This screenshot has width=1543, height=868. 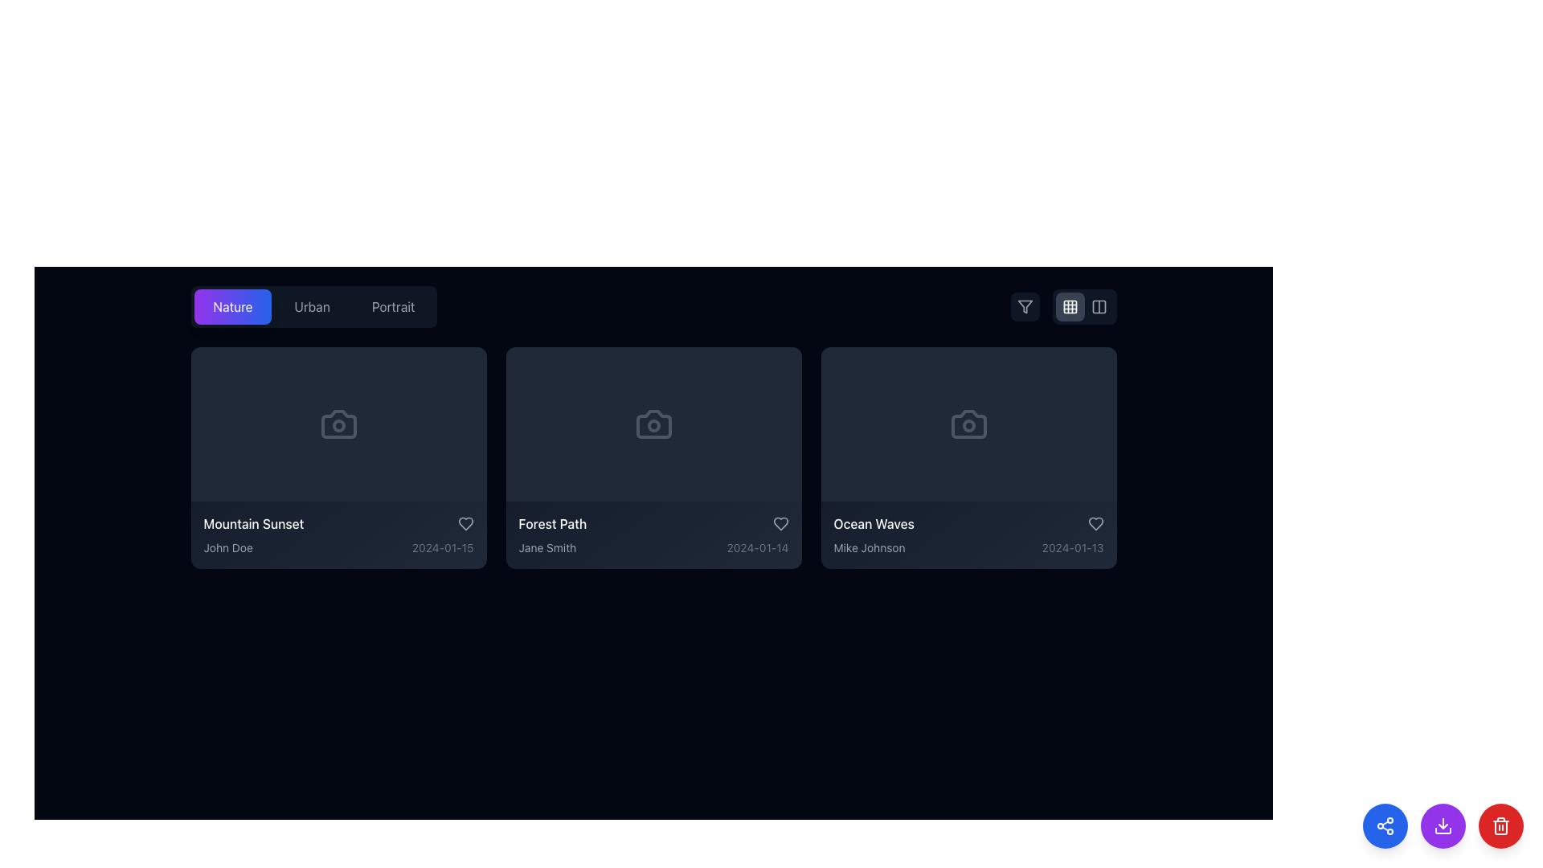 What do you see at coordinates (968, 424) in the screenshot?
I see `the camera icon located at the center of the third card titled 'Ocean Waves', which is part of a series of horizontally arranged cards` at bounding box center [968, 424].